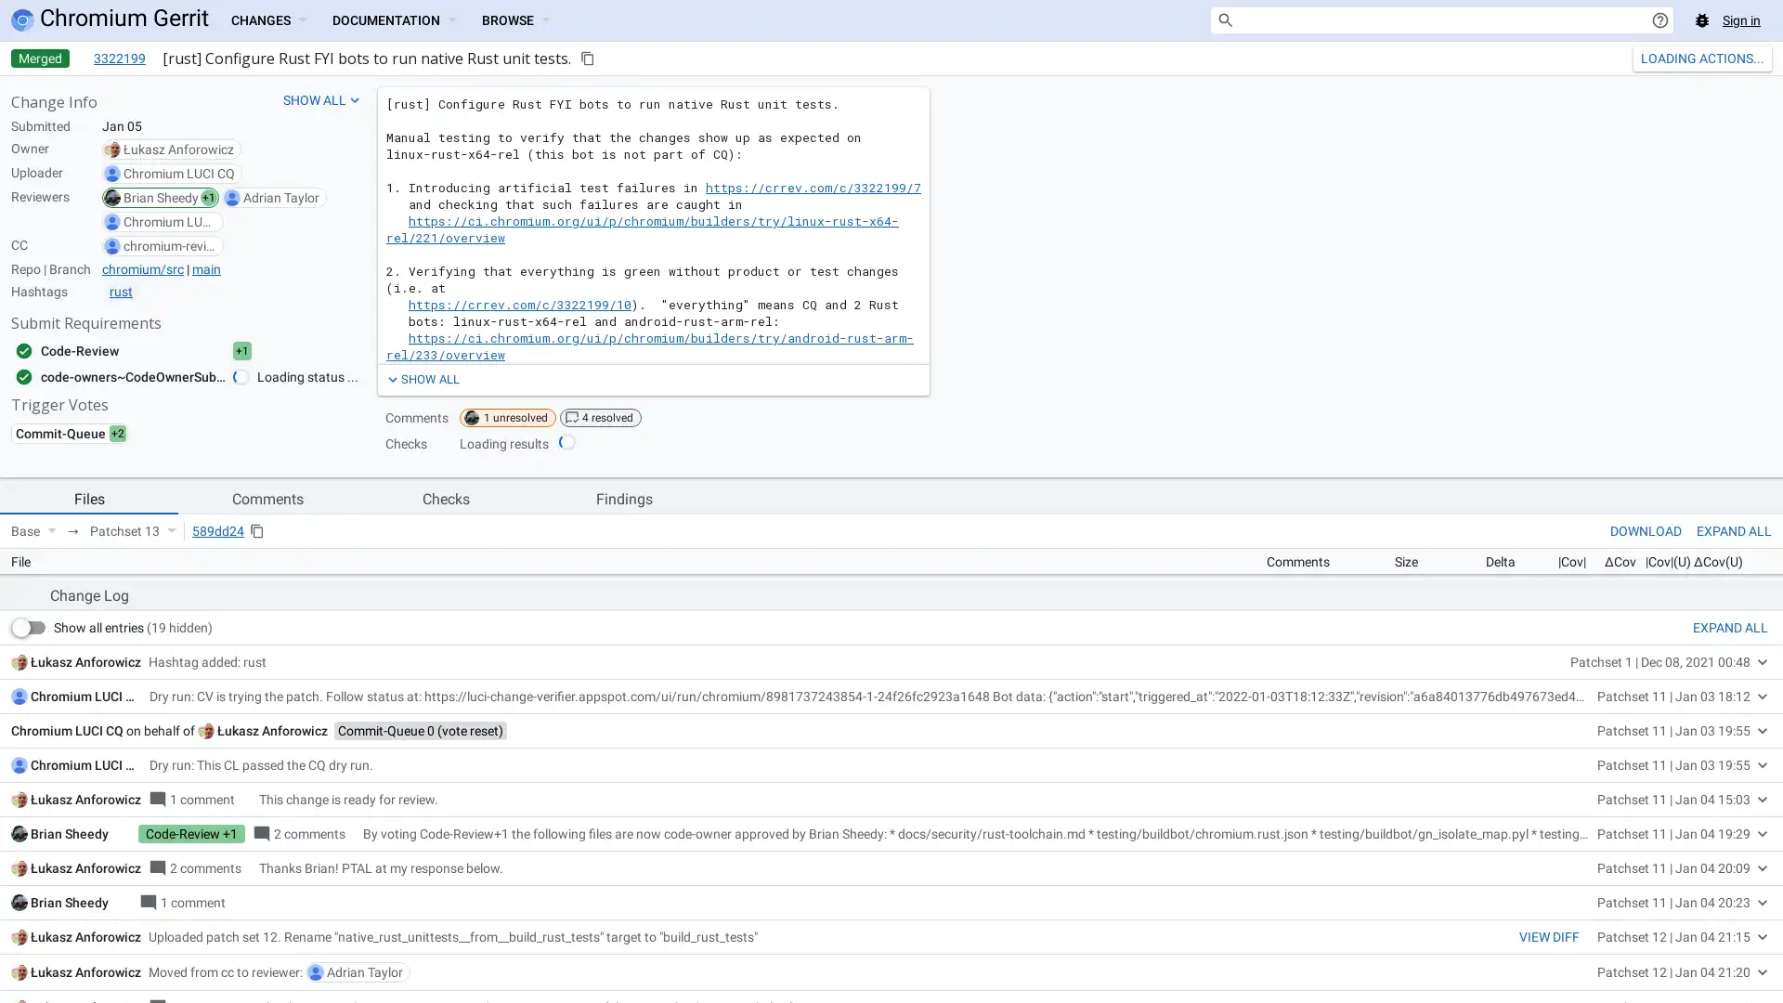 The height and width of the screenshot is (1003, 1783). Describe the element at coordinates (169, 221) in the screenshot. I see `Chromium LUCI CQ` at that location.